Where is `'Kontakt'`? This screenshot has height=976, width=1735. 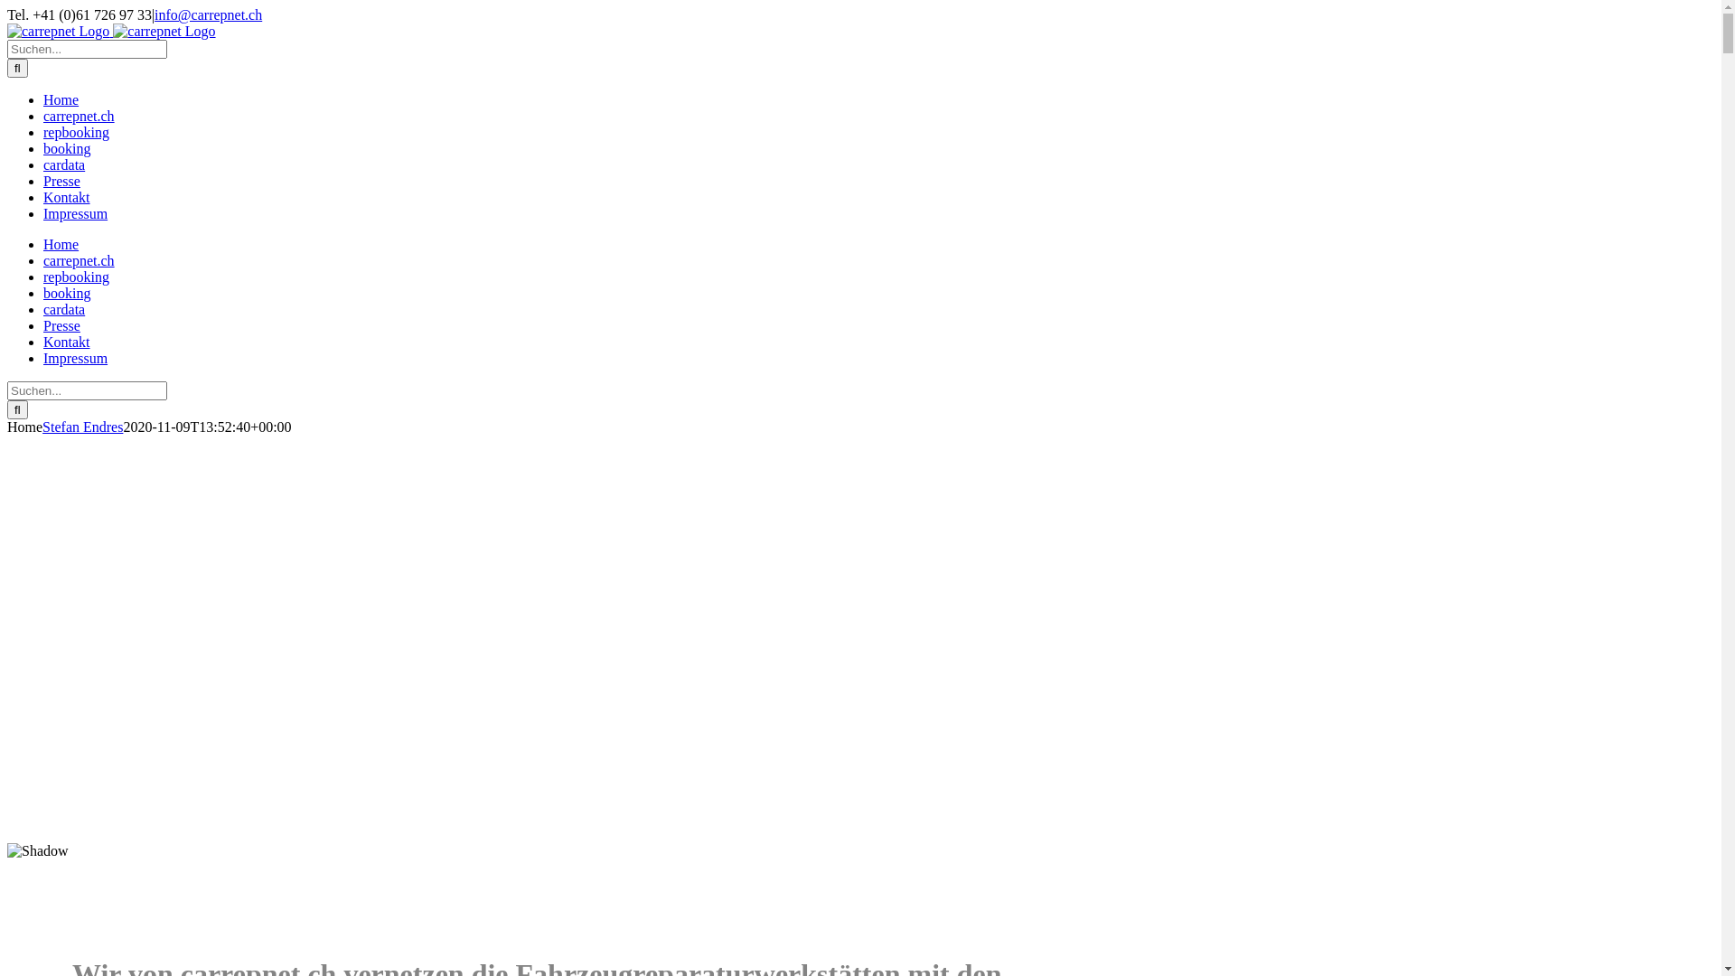
'Kontakt' is located at coordinates (66, 197).